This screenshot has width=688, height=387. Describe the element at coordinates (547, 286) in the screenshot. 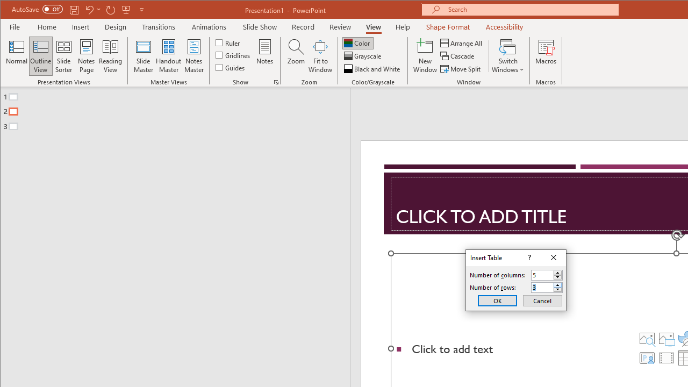

I see `'Number of rows'` at that location.